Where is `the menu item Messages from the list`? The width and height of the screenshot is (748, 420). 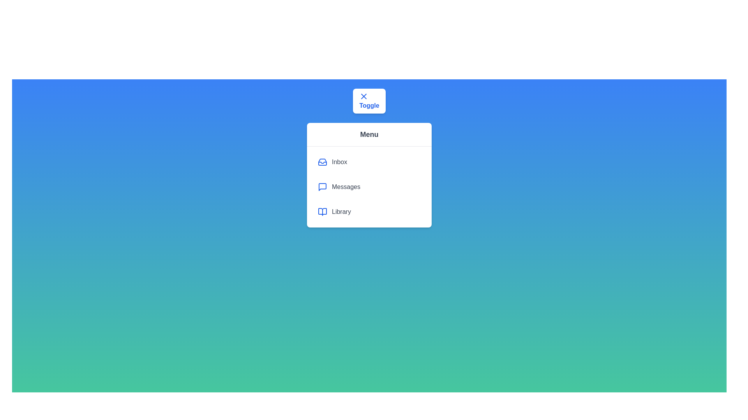
the menu item Messages from the list is located at coordinates (369, 187).